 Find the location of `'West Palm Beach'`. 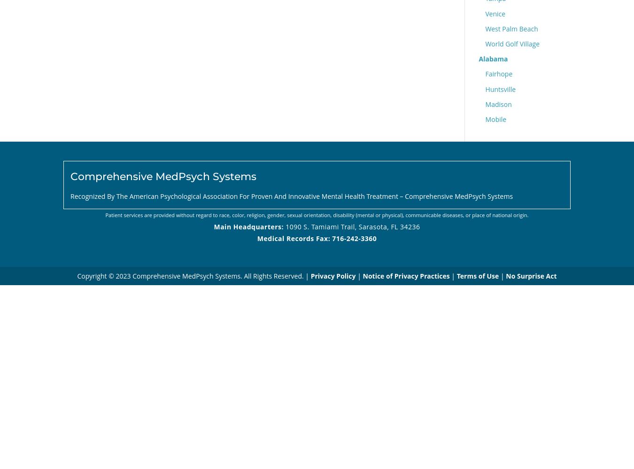

'West Palm Beach' is located at coordinates (511, 28).